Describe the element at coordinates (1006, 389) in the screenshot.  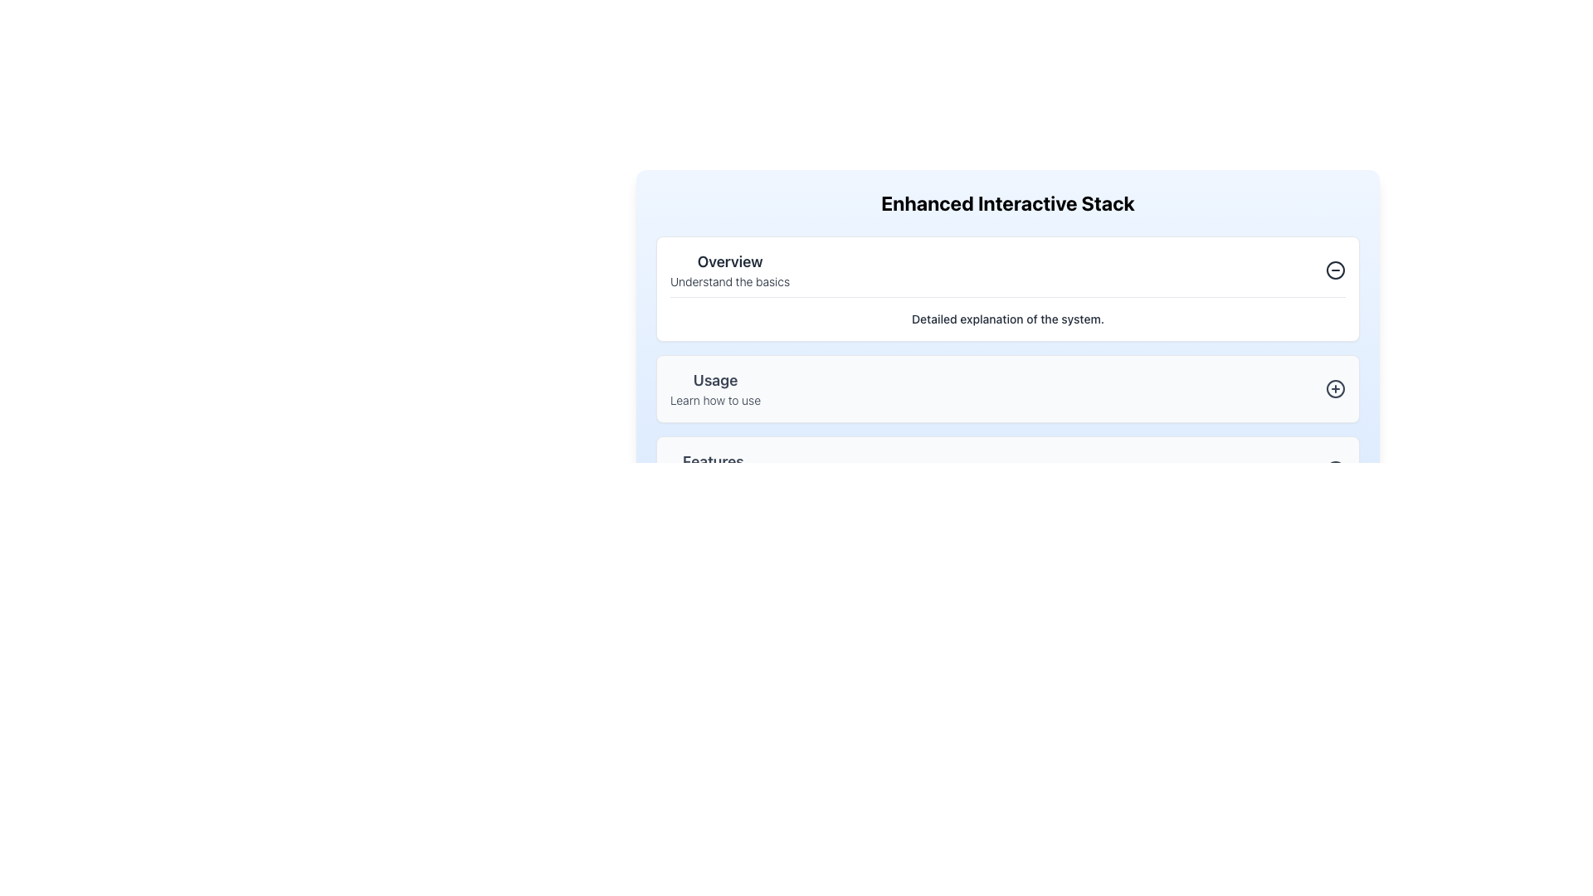
I see `the clickable section below 'Overview' and above 'Features'` at that location.